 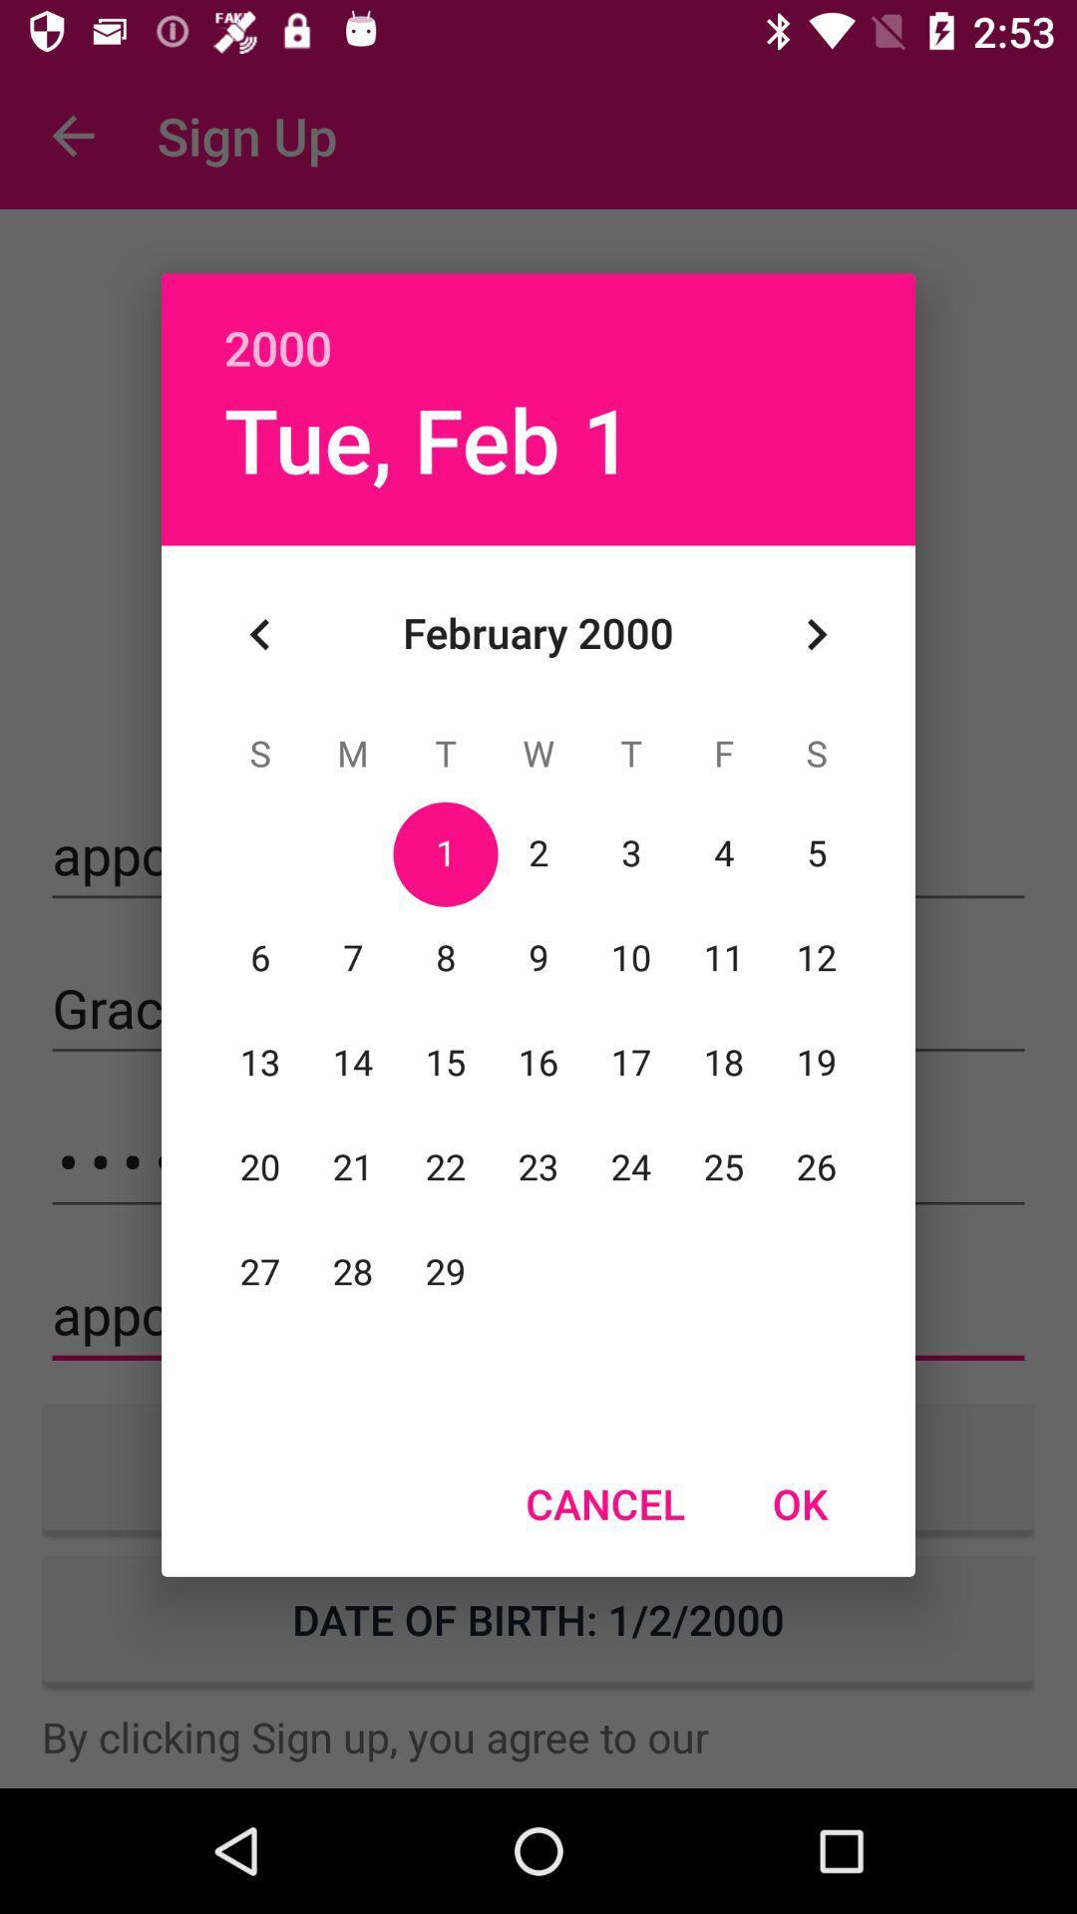 I want to click on the item below the 2000 icon, so click(x=816, y=633).